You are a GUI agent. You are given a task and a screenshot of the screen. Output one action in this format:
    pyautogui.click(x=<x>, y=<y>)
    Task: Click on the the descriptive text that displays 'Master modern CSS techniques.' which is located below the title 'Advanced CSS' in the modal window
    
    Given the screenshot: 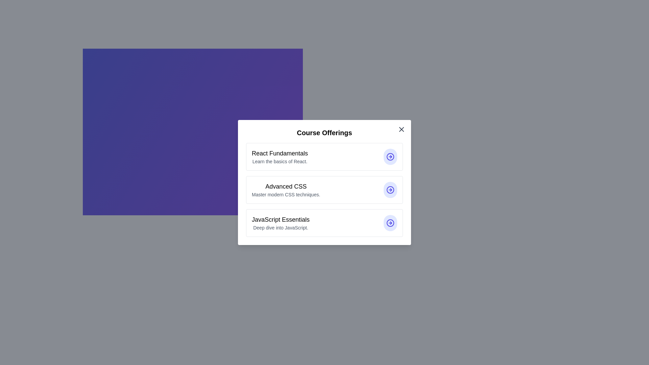 What is the action you would take?
    pyautogui.click(x=286, y=194)
    